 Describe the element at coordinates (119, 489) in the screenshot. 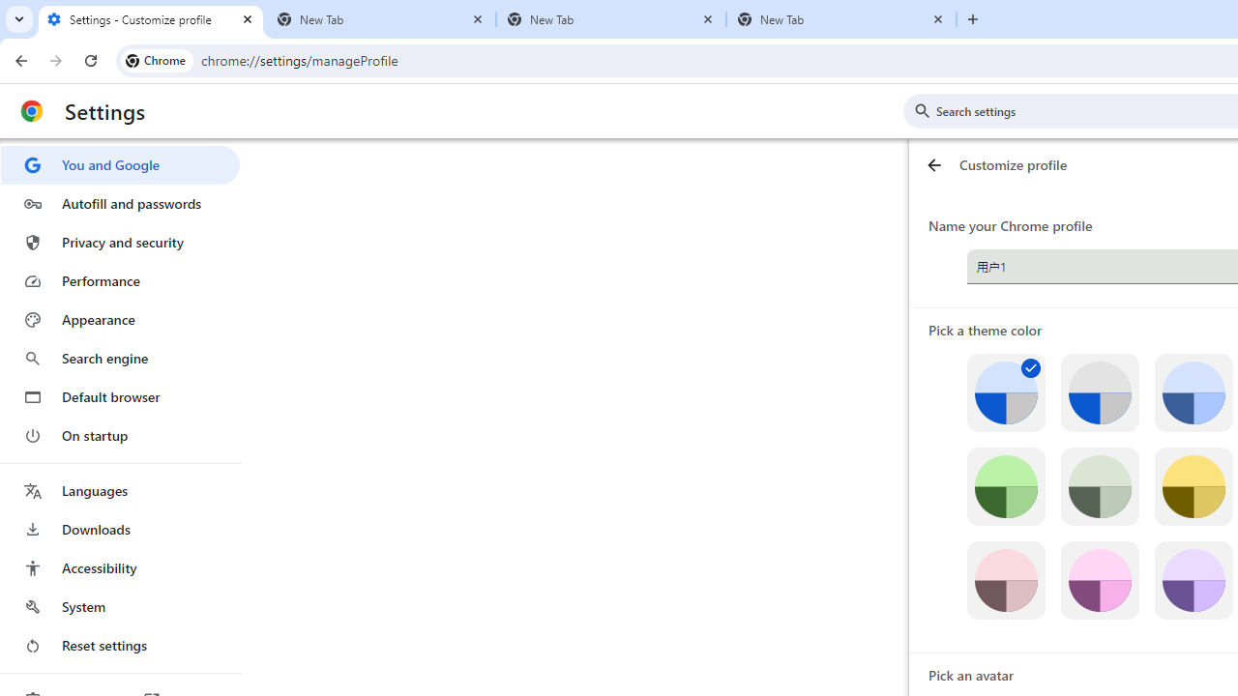

I see `'Languages'` at that location.